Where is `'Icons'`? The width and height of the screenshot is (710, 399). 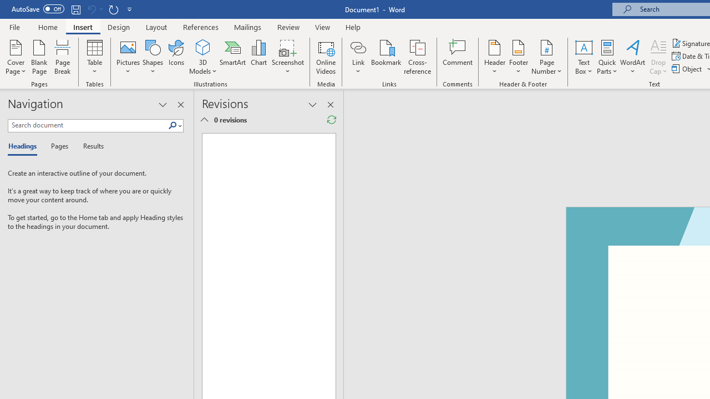
'Icons' is located at coordinates (176, 57).